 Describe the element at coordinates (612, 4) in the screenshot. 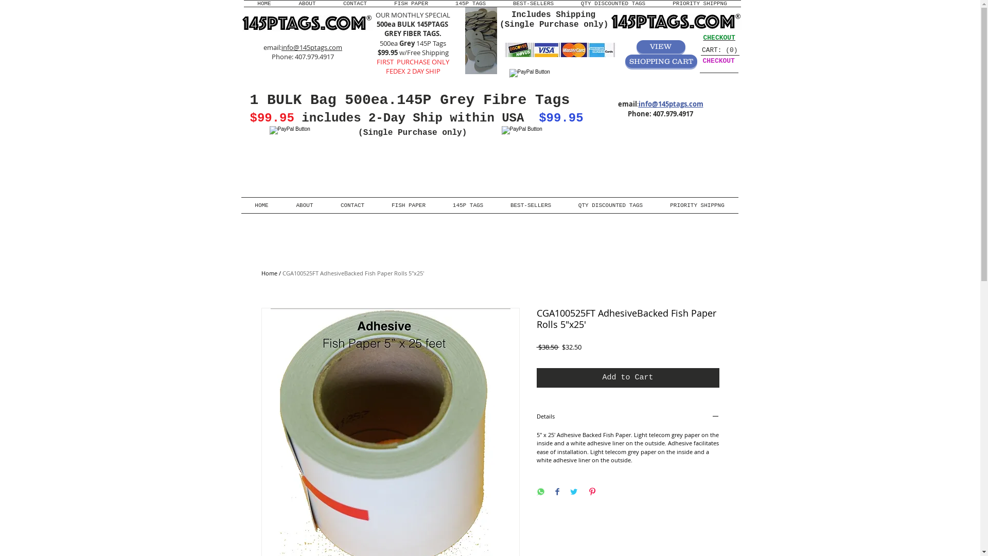

I see `'QTY DISCOUNTED TAGS'` at that location.